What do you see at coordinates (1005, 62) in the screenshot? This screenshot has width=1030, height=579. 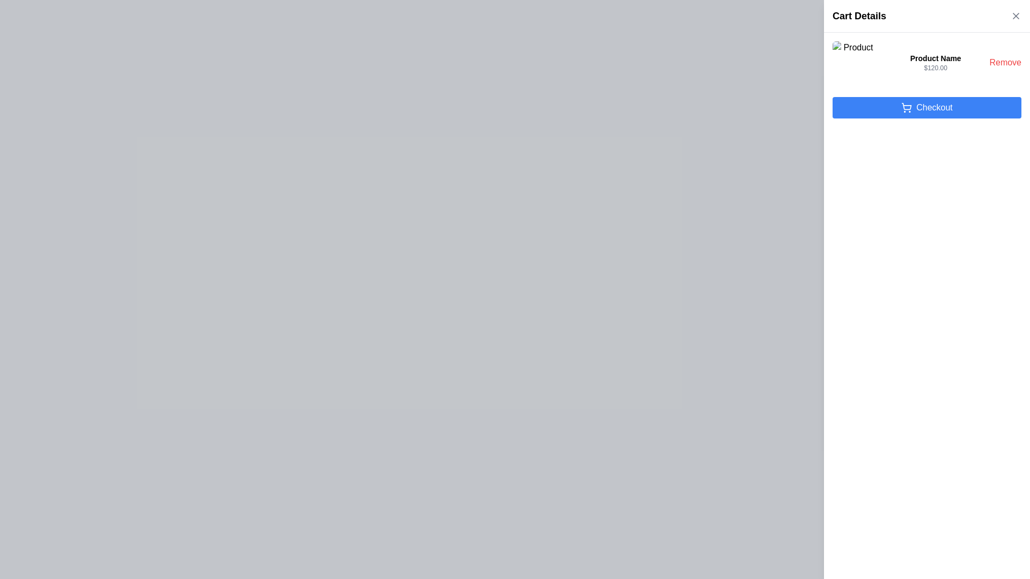 I see `the deletion button located at the far right of the product row` at bounding box center [1005, 62].